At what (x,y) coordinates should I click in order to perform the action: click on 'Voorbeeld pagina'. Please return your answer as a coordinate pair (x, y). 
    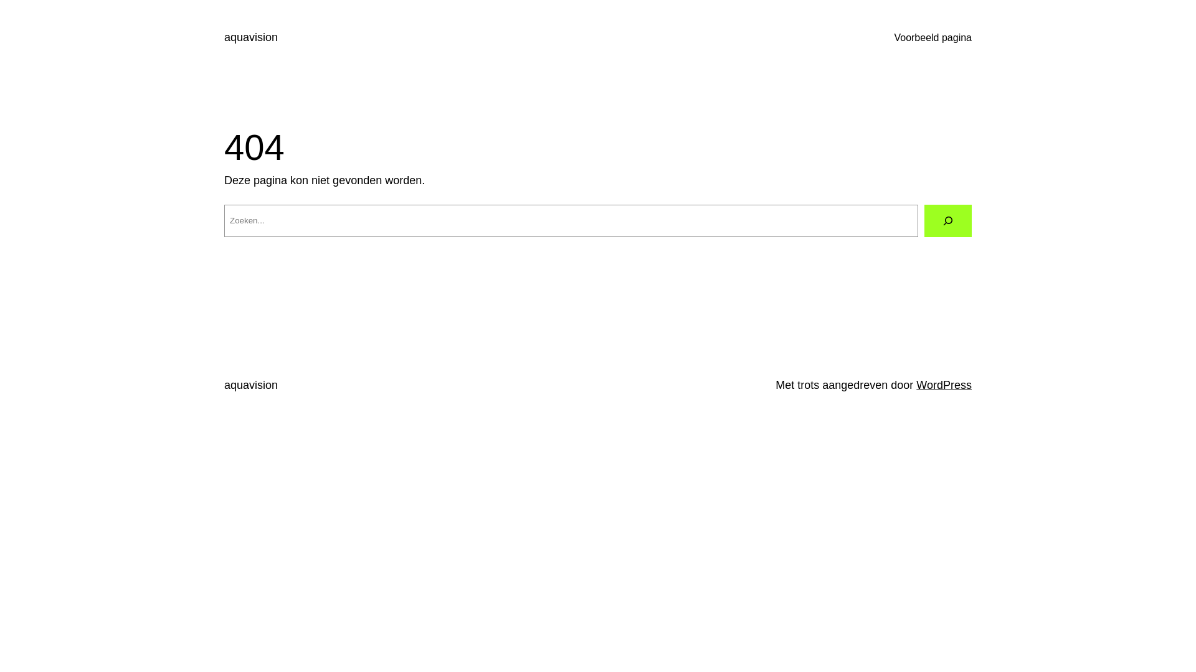
    Looking at the image, I should click on (933, 37).